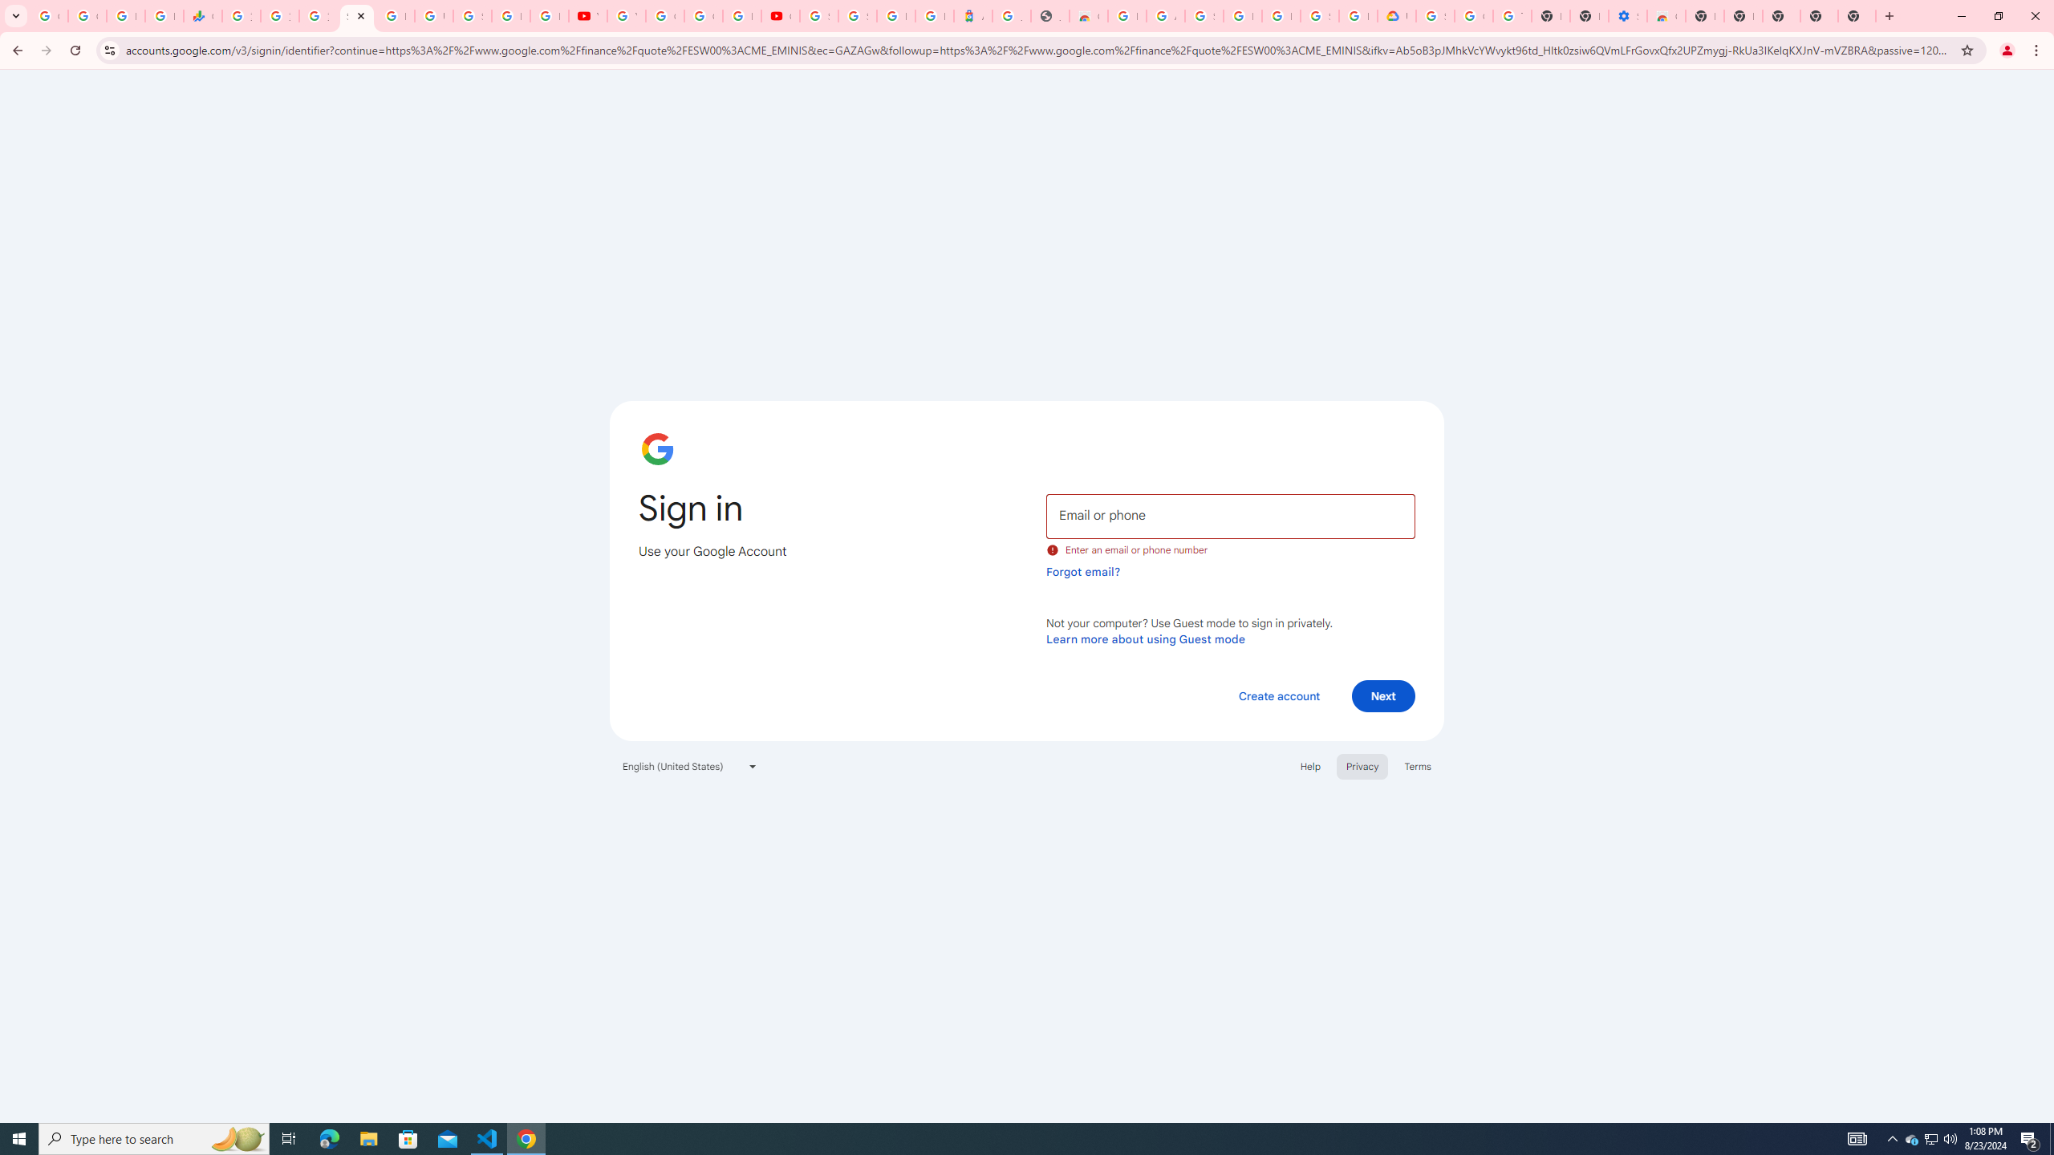 The image size is (2054, 1155). What do you see at coordinates (1309, 765) in the screenshot?
I see `'Help'` at bounding box center [1309, 765].